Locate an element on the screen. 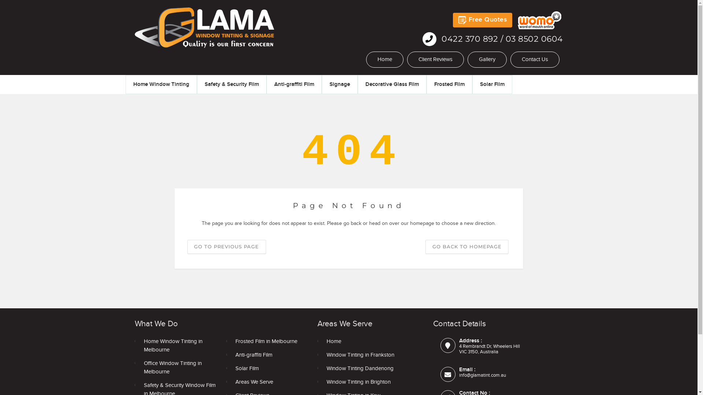 This screenshot has width=703, height=395. 'Home Window Tinting in Melbourne' is located at coordinates (178, 346).